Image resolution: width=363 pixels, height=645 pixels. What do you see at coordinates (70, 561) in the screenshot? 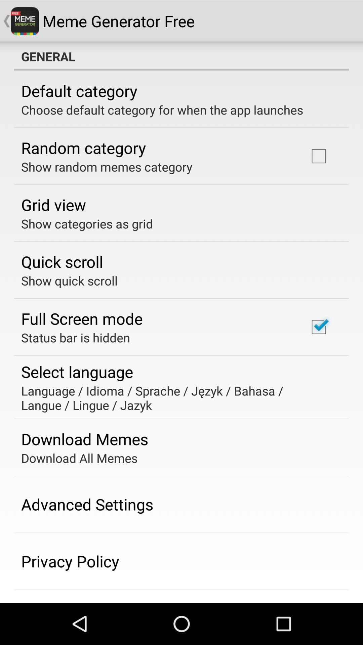
I see `the privacy policy icon` at bounding box center [70, 561].